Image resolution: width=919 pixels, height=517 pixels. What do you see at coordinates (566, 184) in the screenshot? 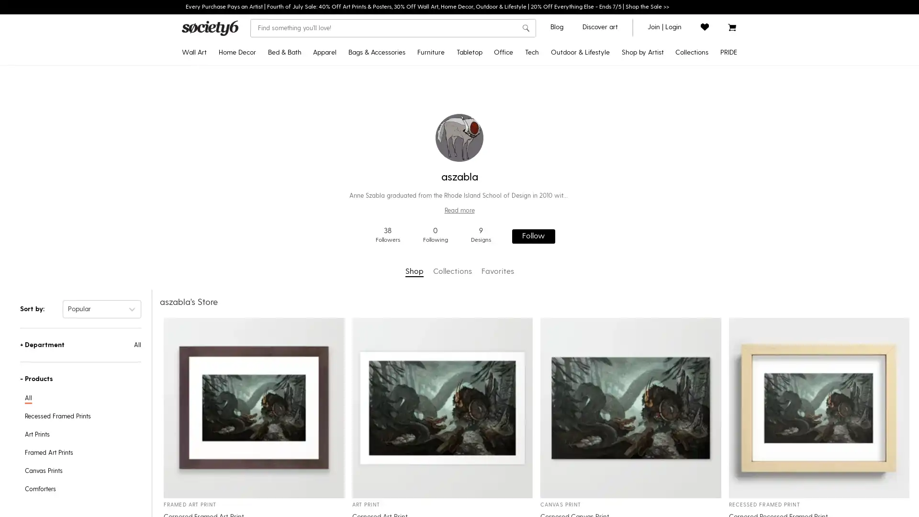
I see `Apple Watch Bands` at bounding box center [566, 184].